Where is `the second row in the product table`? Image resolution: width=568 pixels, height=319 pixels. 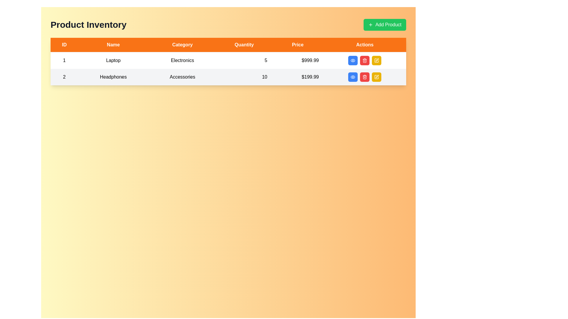 the second row in the product table is located at coordinates (228, 77).